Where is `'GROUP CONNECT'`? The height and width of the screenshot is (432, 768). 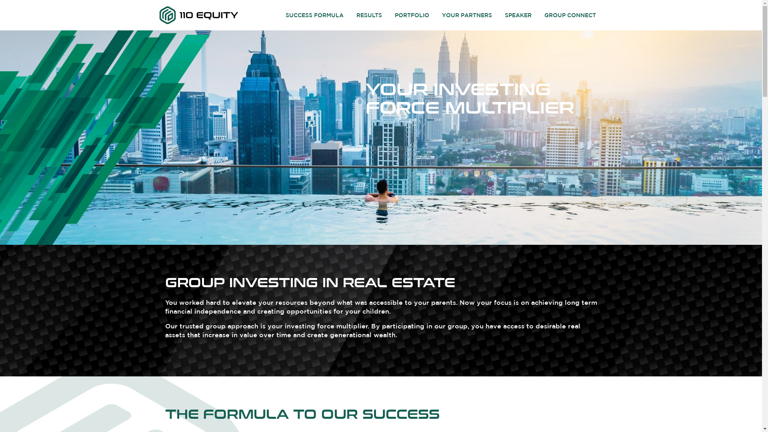
'GROUP CONNECT' is located at coordinates (539, 15).